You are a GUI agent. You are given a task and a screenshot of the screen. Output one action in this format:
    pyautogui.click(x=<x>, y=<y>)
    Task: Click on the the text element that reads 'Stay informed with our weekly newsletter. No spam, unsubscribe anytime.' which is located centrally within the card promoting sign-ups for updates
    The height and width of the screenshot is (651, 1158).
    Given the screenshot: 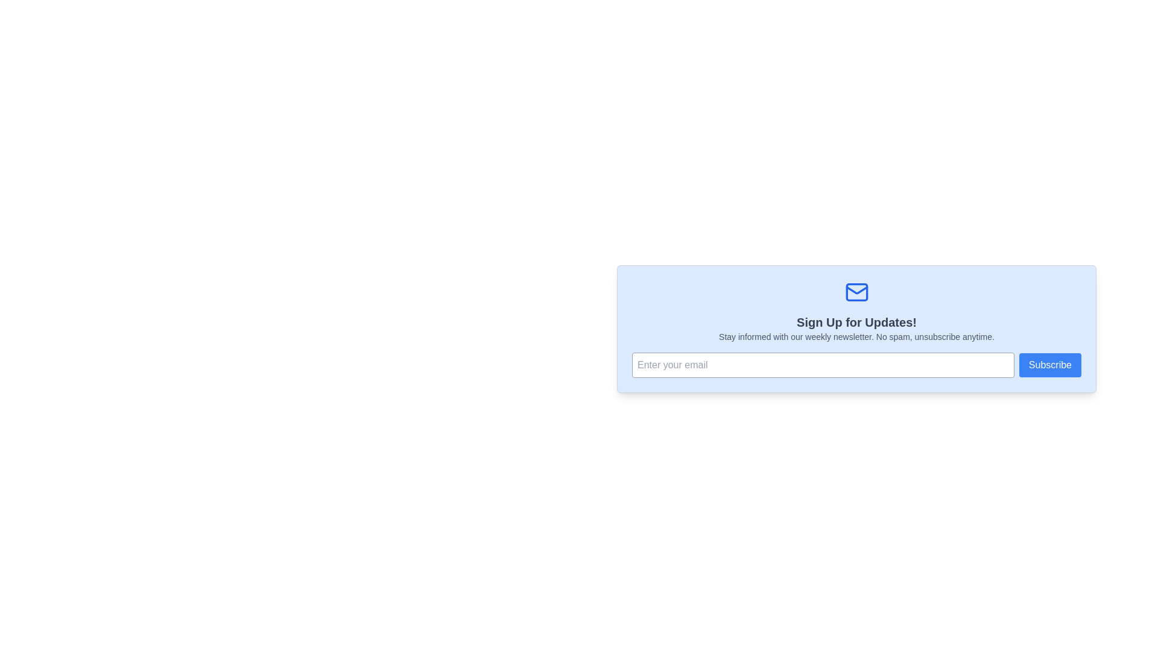 What is the action you would take?
    pyautogui.click(x=856, y=337)
    